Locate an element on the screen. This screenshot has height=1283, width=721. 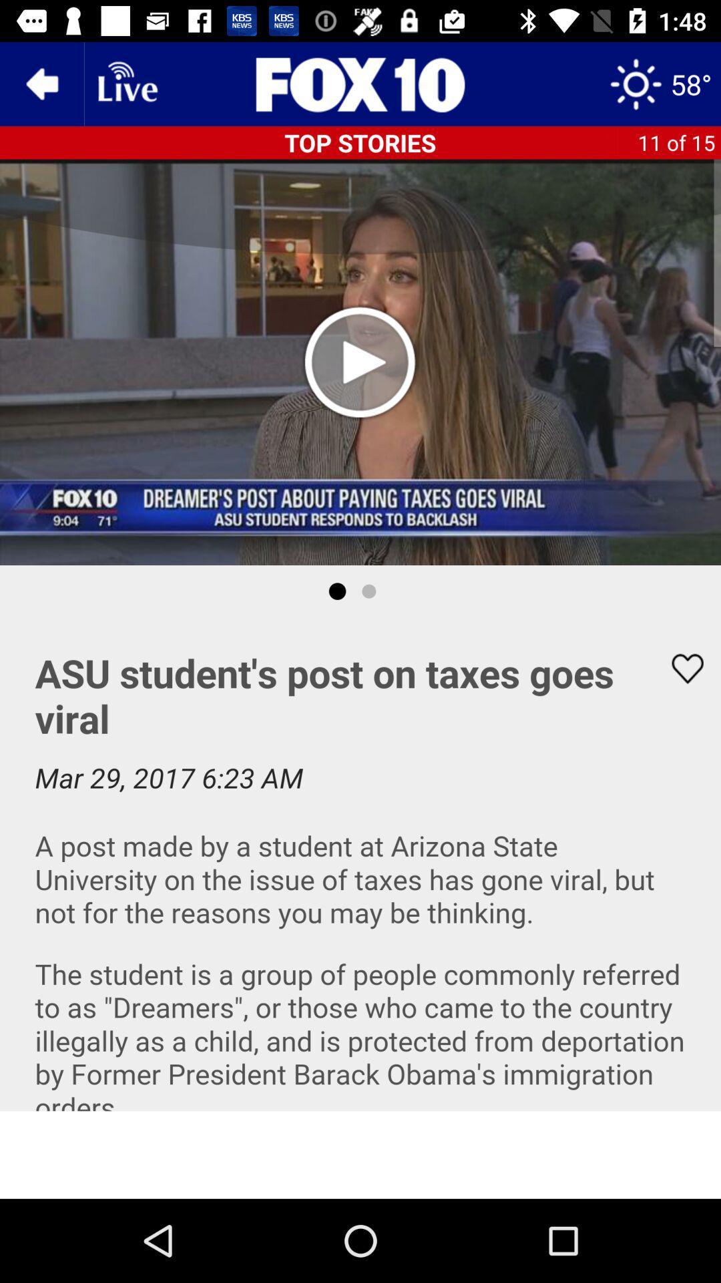
live option is located at coordinates (126, 83).